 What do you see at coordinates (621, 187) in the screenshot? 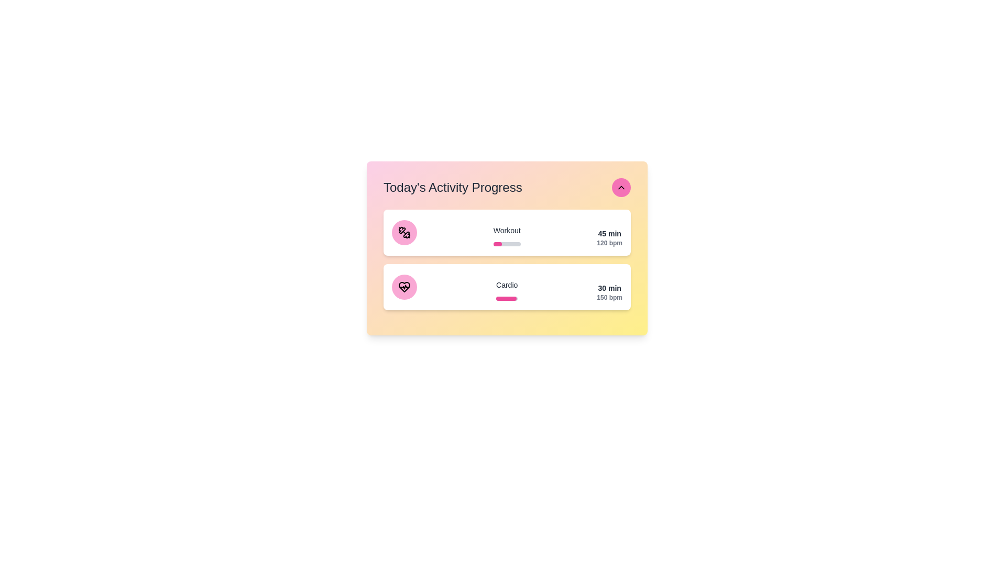
I see `the circular pink button with a black upward chevron in the 'Today's Activity Progress' section` at bounding box center [621, 187].